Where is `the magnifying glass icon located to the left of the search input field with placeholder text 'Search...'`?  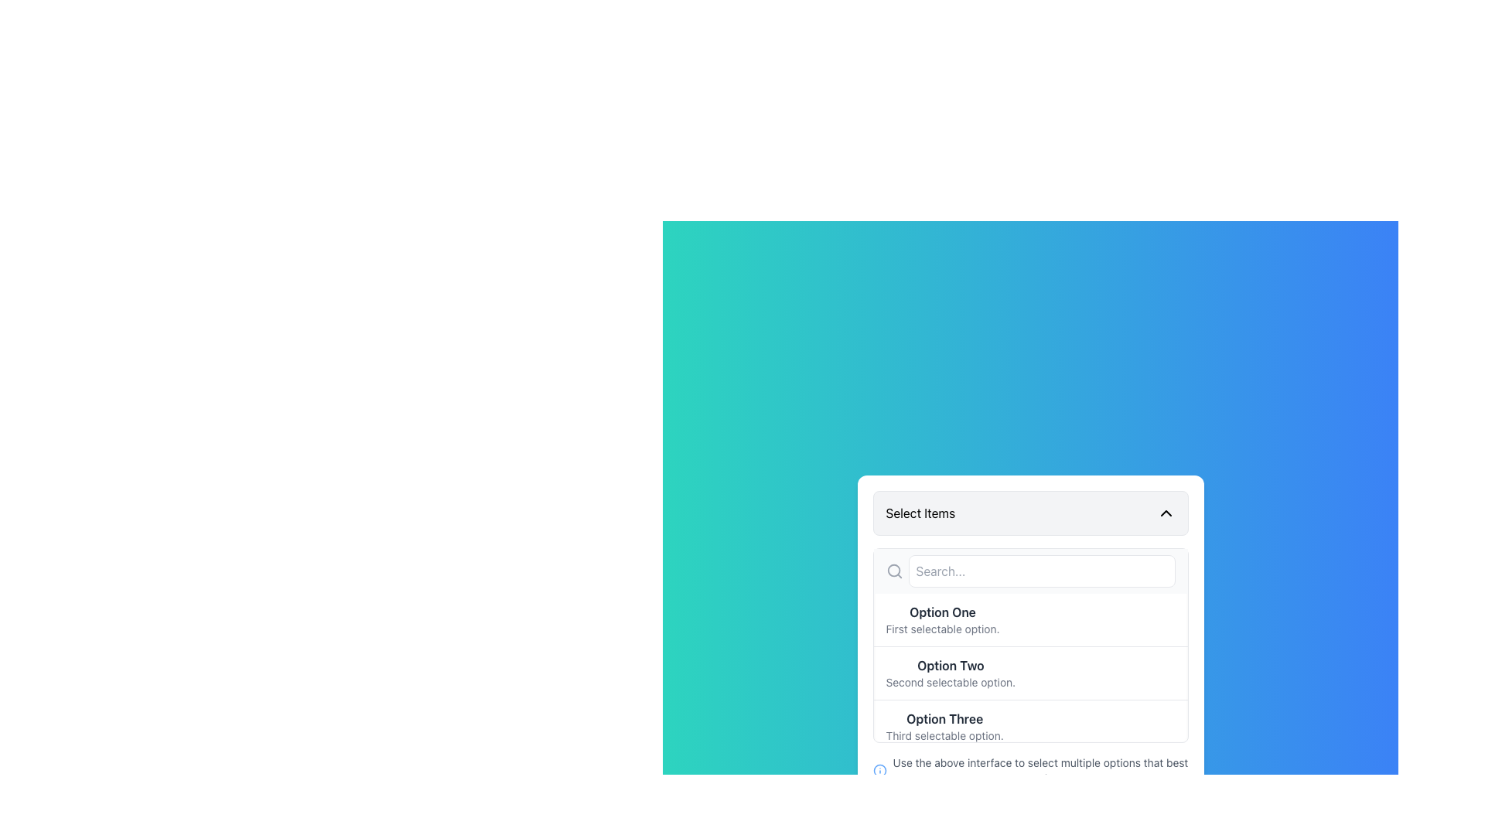
the magnifying glass icon located to the left of the search input field with placeholder text 'Search...' is located at coordinates (894, 571).